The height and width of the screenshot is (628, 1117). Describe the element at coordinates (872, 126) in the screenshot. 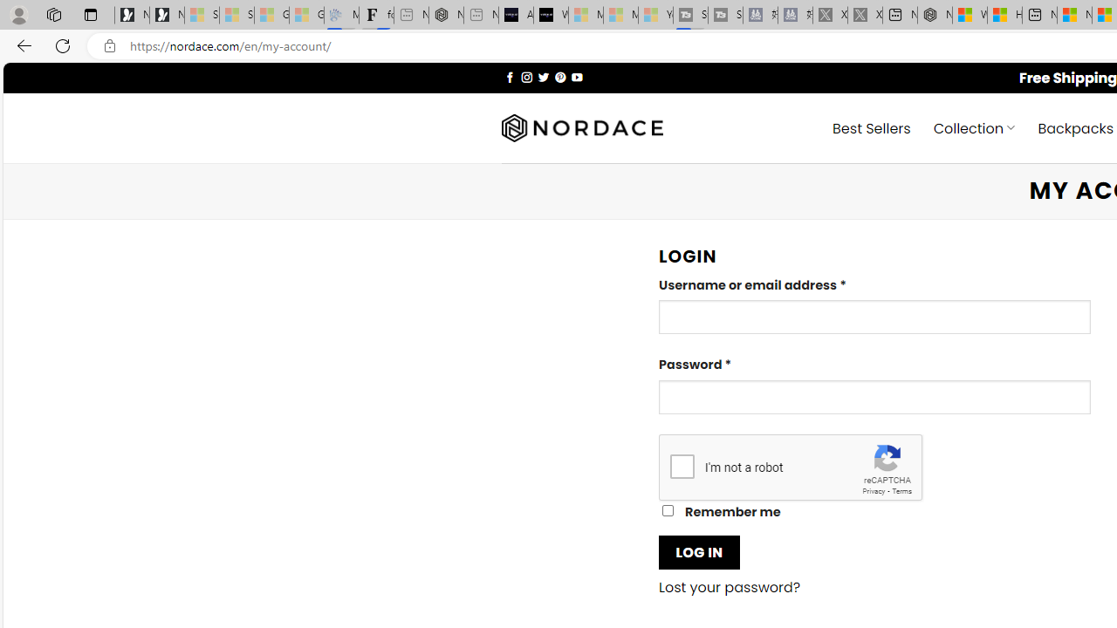

I see `'  Best Sellers'` at that location.